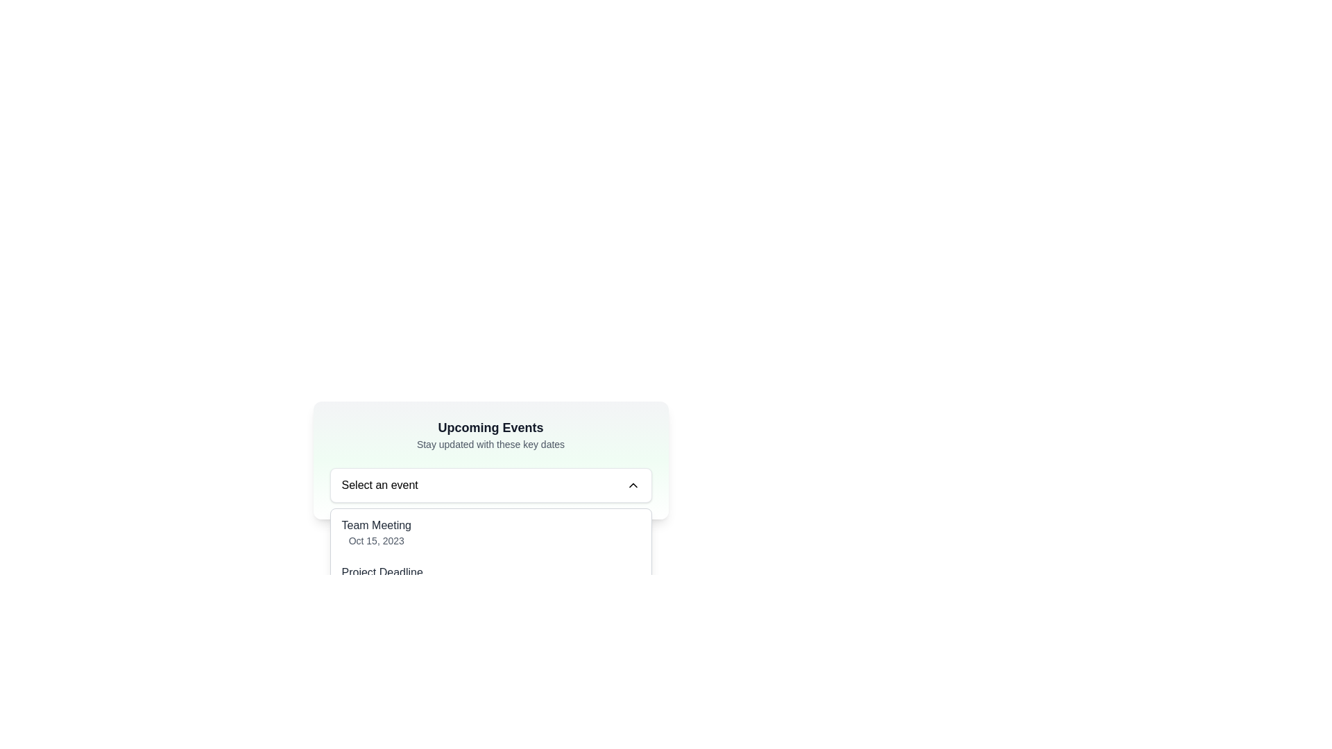 The width and height of the screenshot is (1332, 749). I want to click on the text label displaying the date 'Oct 15, 2023', which is located below the 'Team Meeting' label in the dropdown menu, so click(376, 540).